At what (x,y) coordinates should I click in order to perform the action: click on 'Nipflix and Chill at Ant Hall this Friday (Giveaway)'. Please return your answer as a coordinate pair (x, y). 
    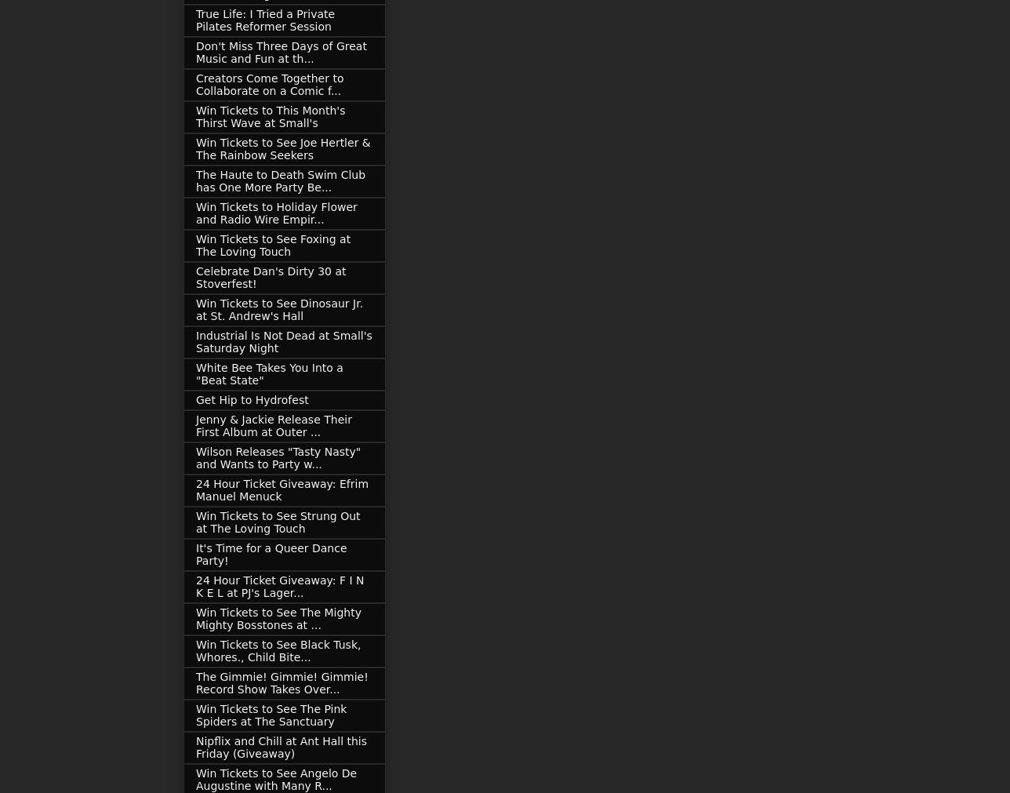
    Looking at the image, I should click on (281, 747).